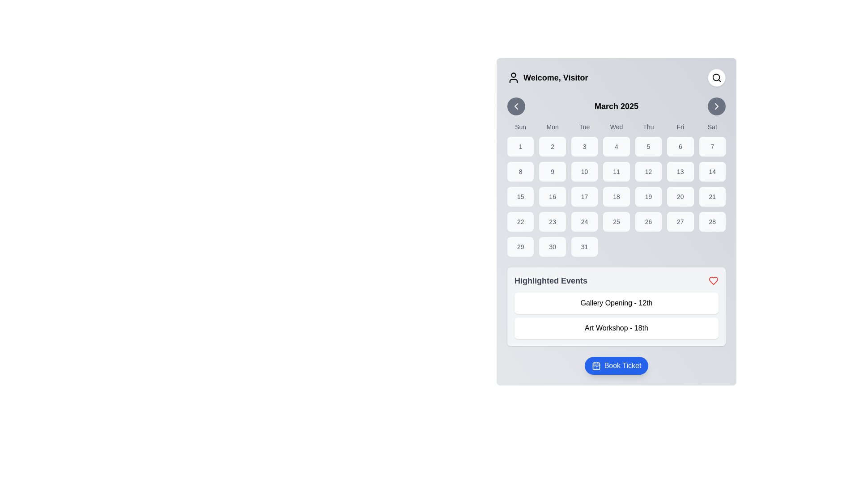  Describe the element at coordinates (520, 127) in the screenshot. I see `the static text label displaying the abbreviation 'Sun', which is styled in medium gray and positioned as the first label in the row of weekday abbreviations for Sunday` at that location.